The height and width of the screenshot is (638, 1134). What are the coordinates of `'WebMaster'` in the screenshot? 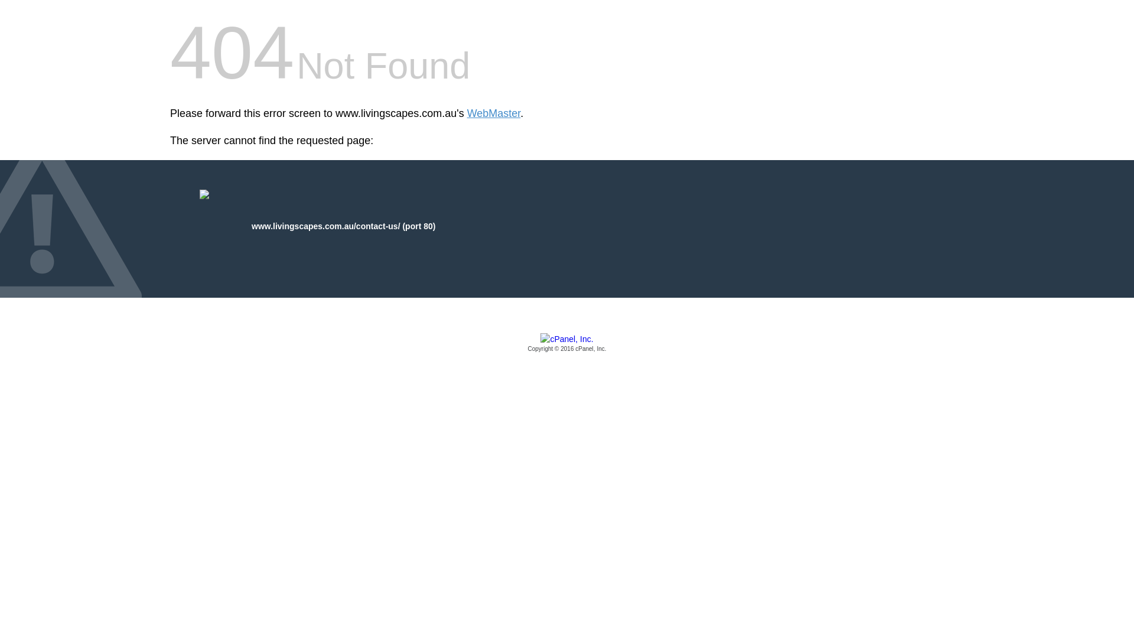 It's located at (494, 113).